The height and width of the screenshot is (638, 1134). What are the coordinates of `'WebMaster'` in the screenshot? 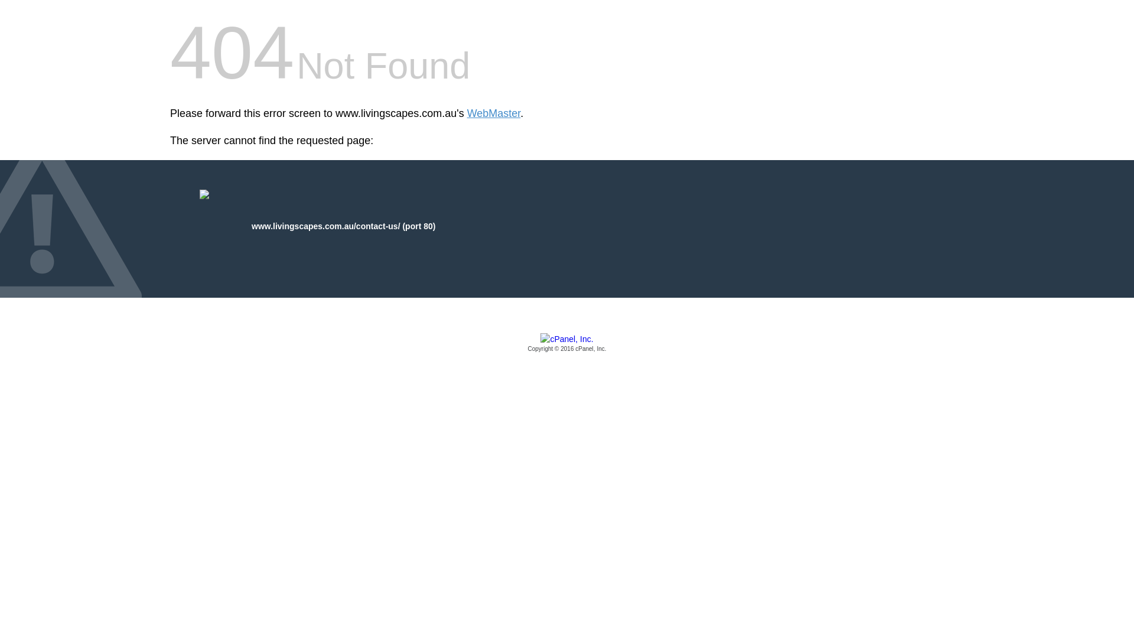 It's located at (494, 113).